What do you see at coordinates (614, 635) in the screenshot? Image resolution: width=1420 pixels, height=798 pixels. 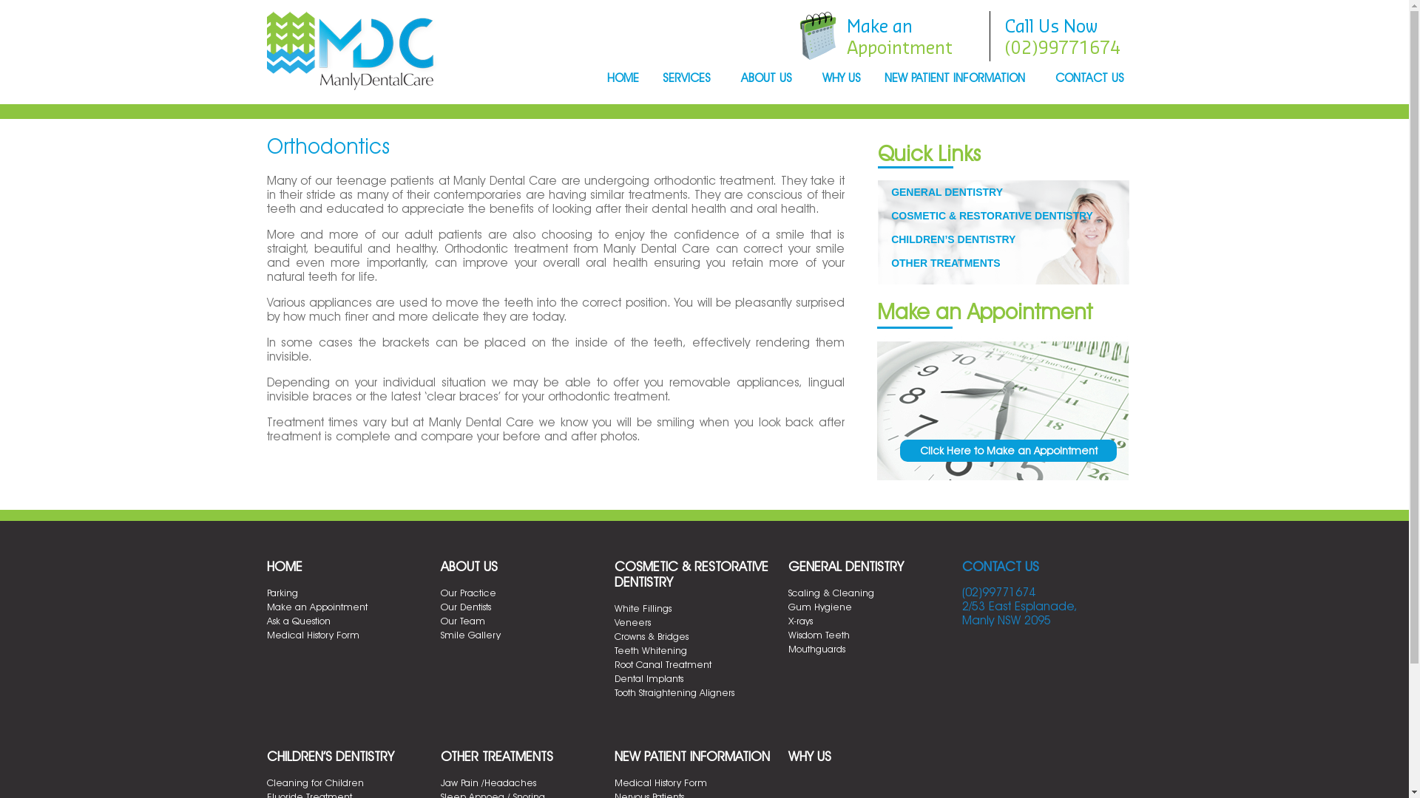 I see `'Crowns & Bridges'` at bounding box center [614, 635].